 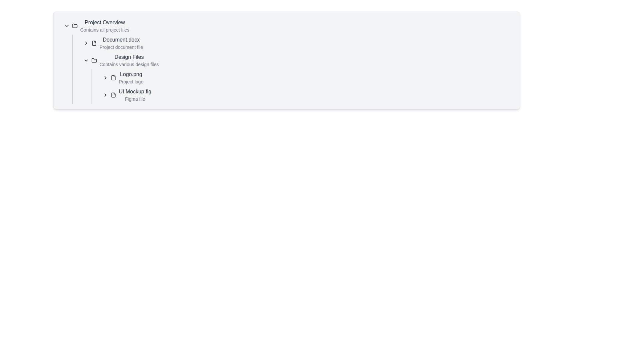 I want to click on the Chevron toggle icon located to the left of the 'Design Files' folder, which serves as a toggle for expanding or collapsing the folder, to potentially display a tooltip, so click(x=86, y=60).